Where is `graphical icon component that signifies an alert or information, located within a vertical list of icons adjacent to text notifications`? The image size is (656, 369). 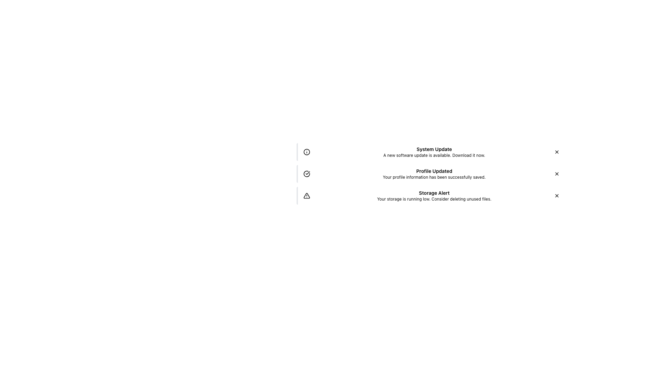
graphical icon component that signifies an alert or information, located within a vertical list of icons adjacent to text notifications is located at coordinates (306, 151).